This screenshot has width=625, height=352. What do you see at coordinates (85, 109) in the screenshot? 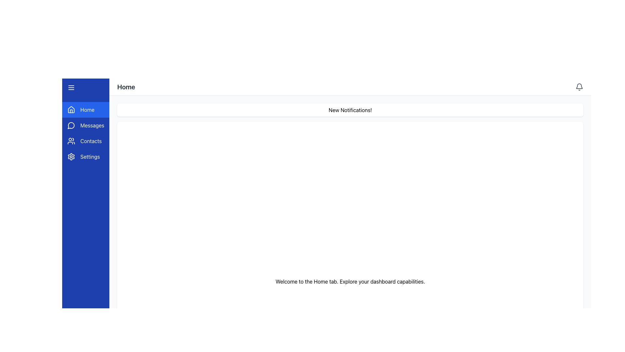
I see `the blue 'Home' button located in the vertical sidebar menu` at bounding box center [85, 109].